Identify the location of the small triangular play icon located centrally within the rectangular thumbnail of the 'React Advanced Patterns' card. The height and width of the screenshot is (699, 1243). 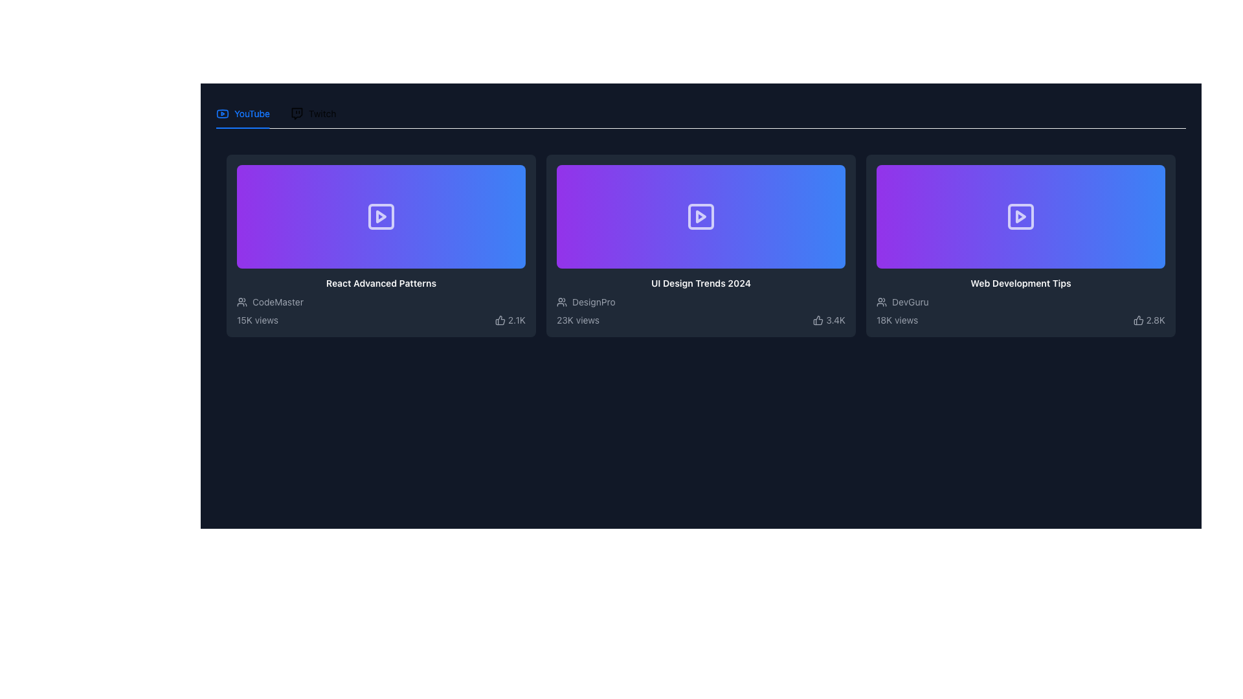
(381, 216).